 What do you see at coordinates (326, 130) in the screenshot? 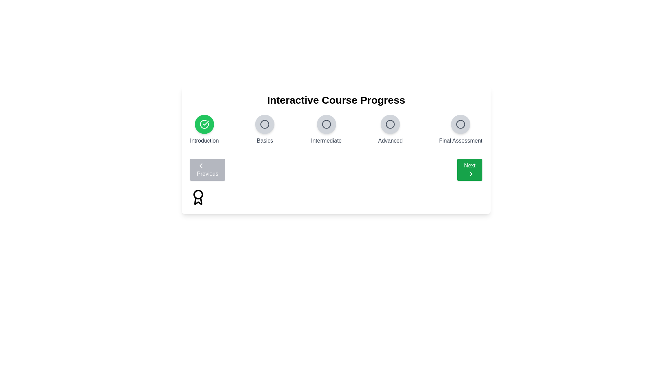
I see `the 'Intermediate' button-like progress indicator in the course progress tracker, which is the third item in the horizontal progress indicator bar located beneath the heading 'Interactive Course Progress'` at bounding box center [326, 130].